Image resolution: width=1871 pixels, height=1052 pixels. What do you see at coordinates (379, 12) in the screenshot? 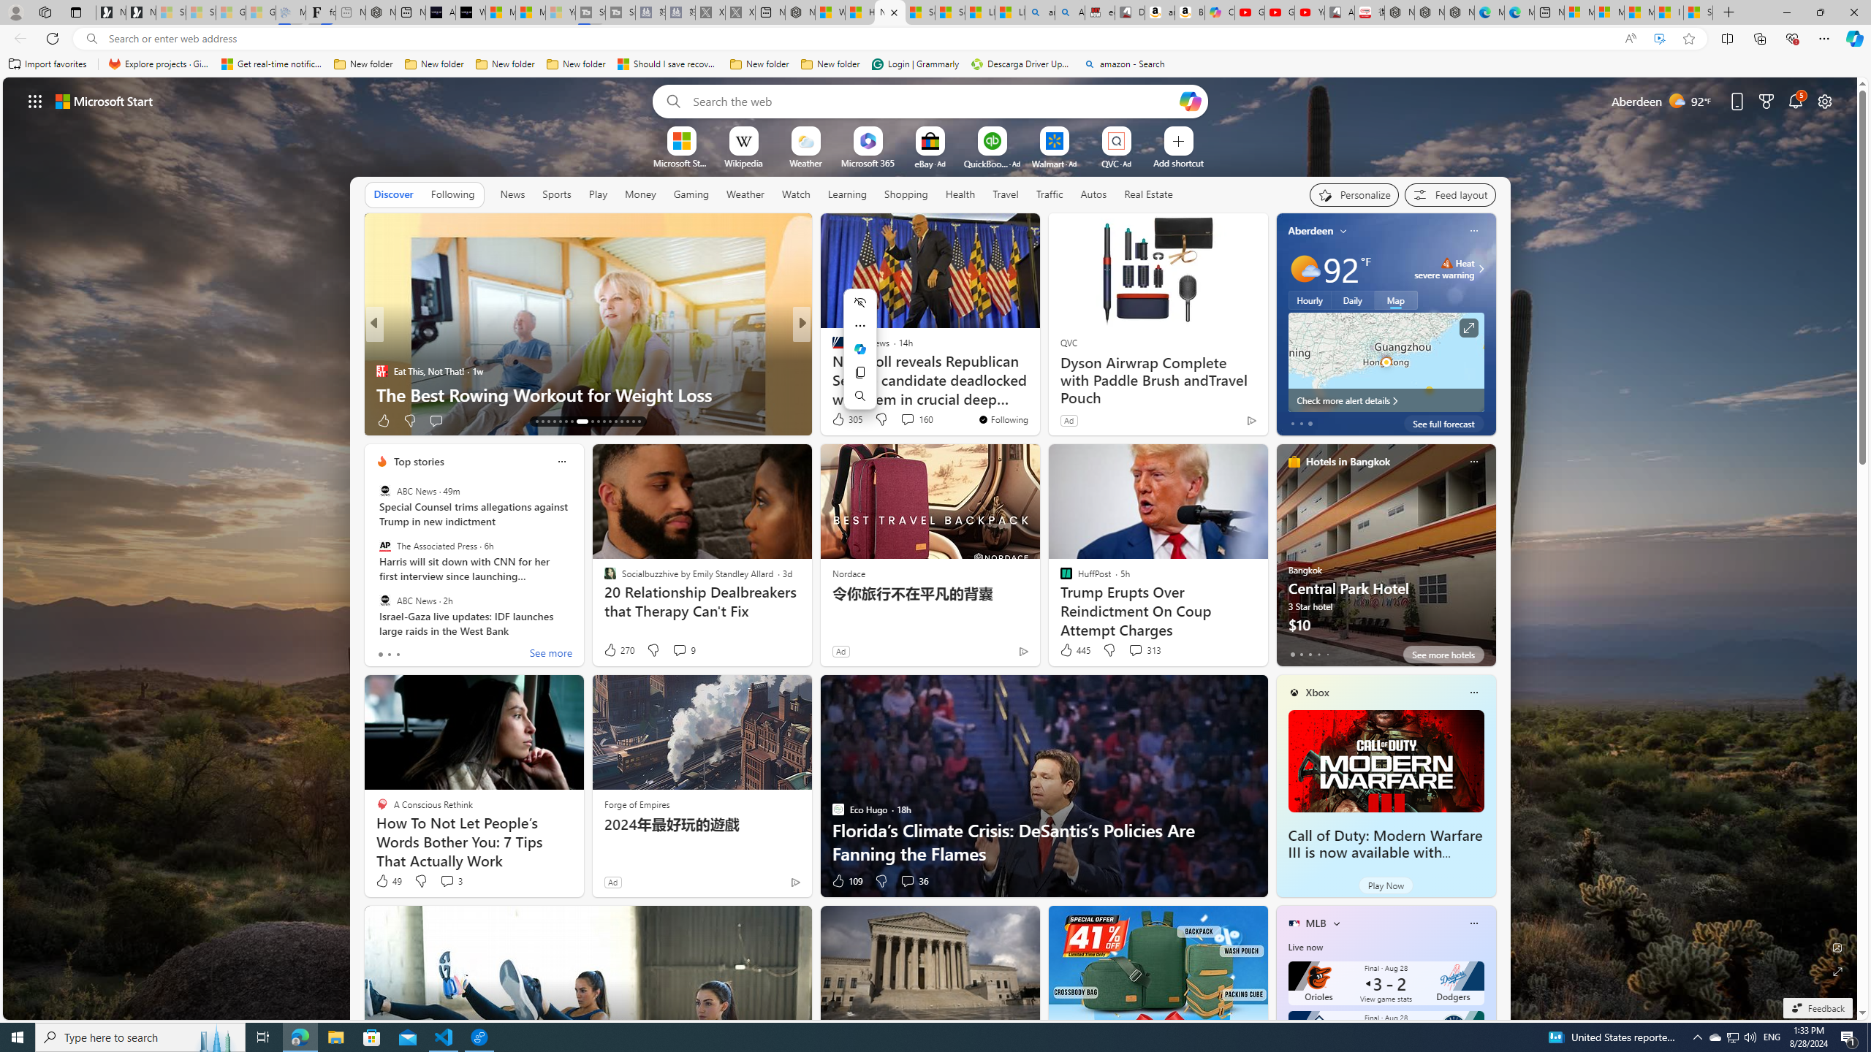
I see `'Nordace - #1 Japanese Best-Seller - Siena Smart Backpack'` at bounding box center [379, 12].